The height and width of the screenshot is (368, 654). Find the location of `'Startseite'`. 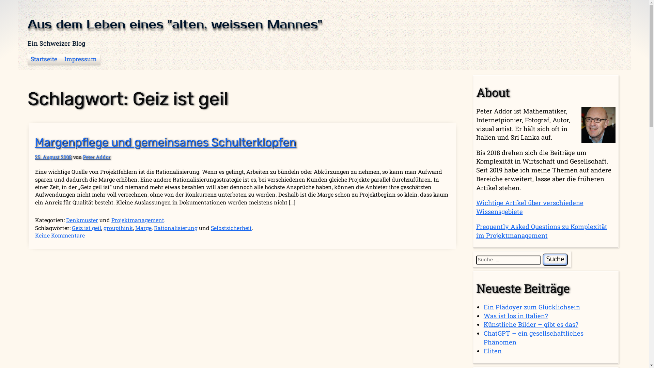

'Startseite' is located at coordinates (43, 59).